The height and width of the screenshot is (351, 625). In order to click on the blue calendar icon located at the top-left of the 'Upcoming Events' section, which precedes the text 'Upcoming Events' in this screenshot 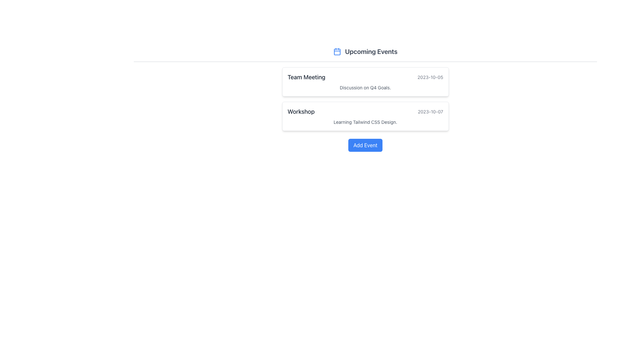, I will do `click(337, 51)`.